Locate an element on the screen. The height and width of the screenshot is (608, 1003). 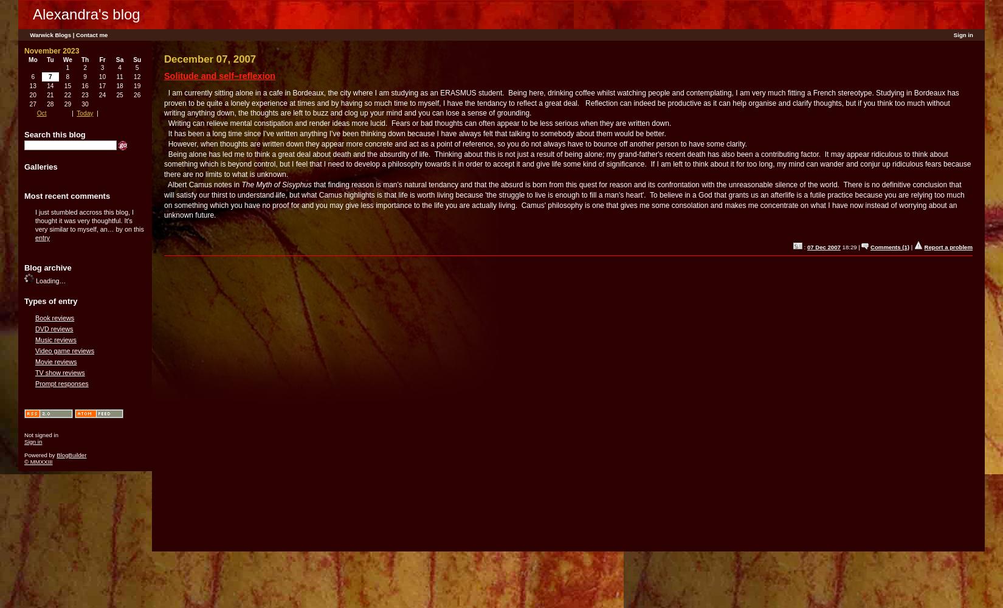
'Galleries' is located at coordinates (40, 166).